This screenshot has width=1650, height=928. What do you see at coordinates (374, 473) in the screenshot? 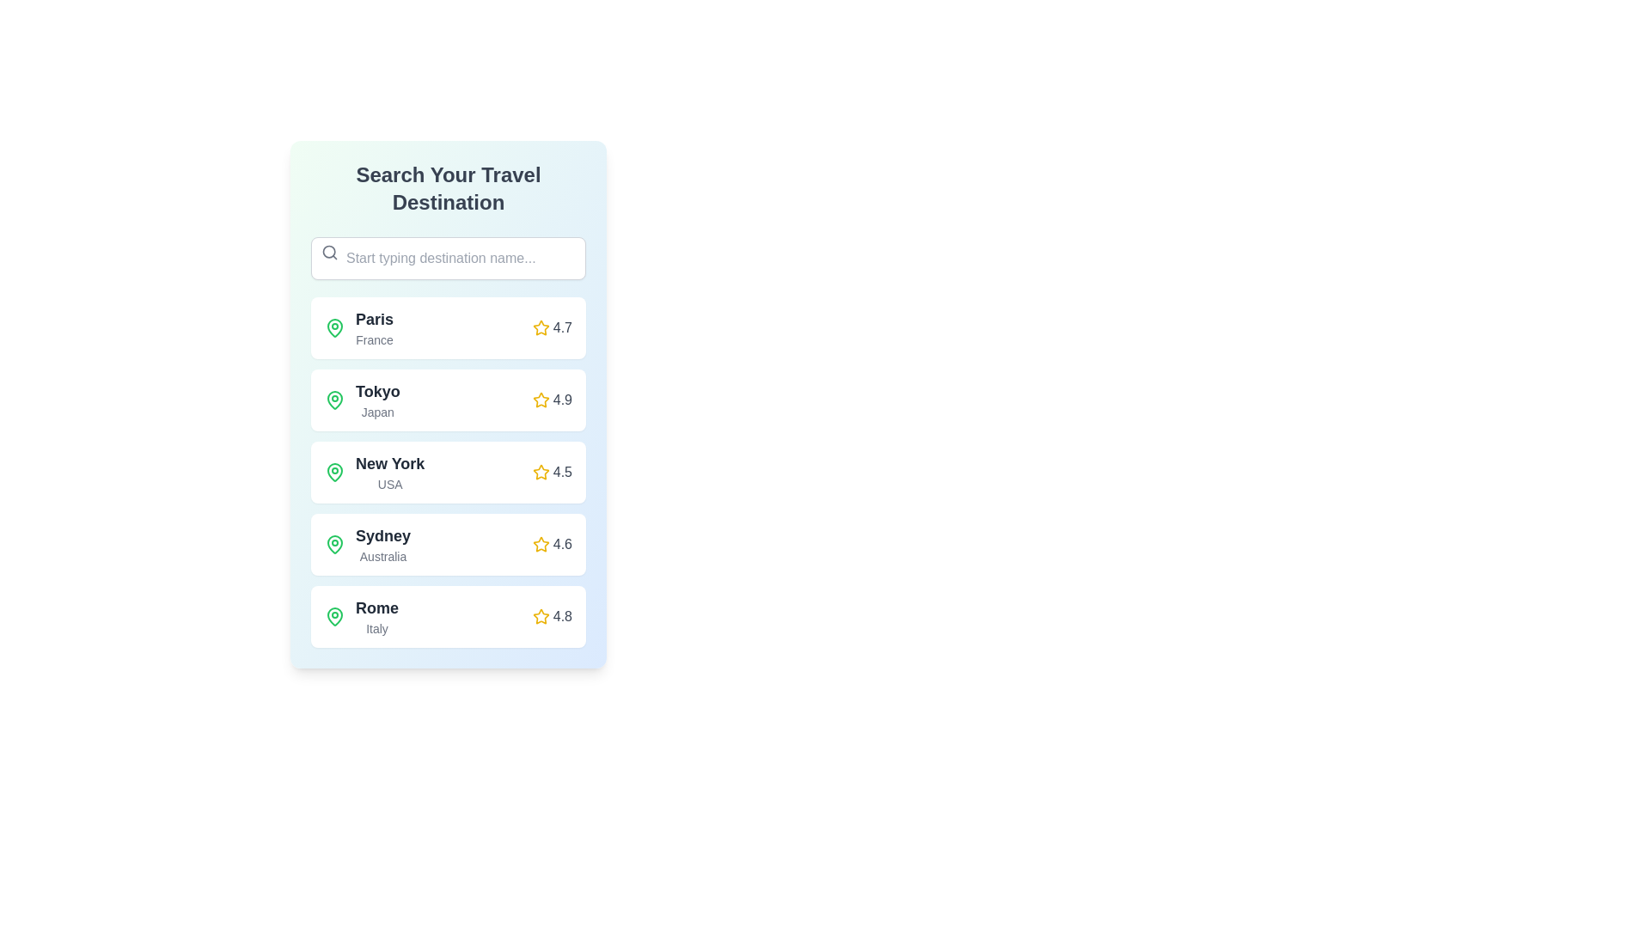
I see `the third list item displaying information about the travel destination 'New York, USA'` at bounding box center [374, 473].